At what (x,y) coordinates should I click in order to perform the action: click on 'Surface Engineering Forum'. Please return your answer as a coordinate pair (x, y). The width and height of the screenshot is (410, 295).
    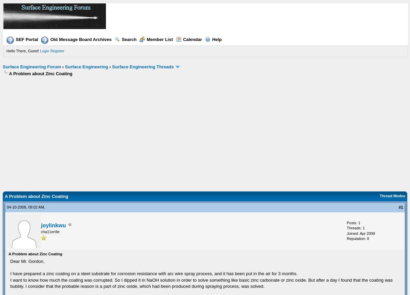
    Looking at the image, I should click on (32, 66).